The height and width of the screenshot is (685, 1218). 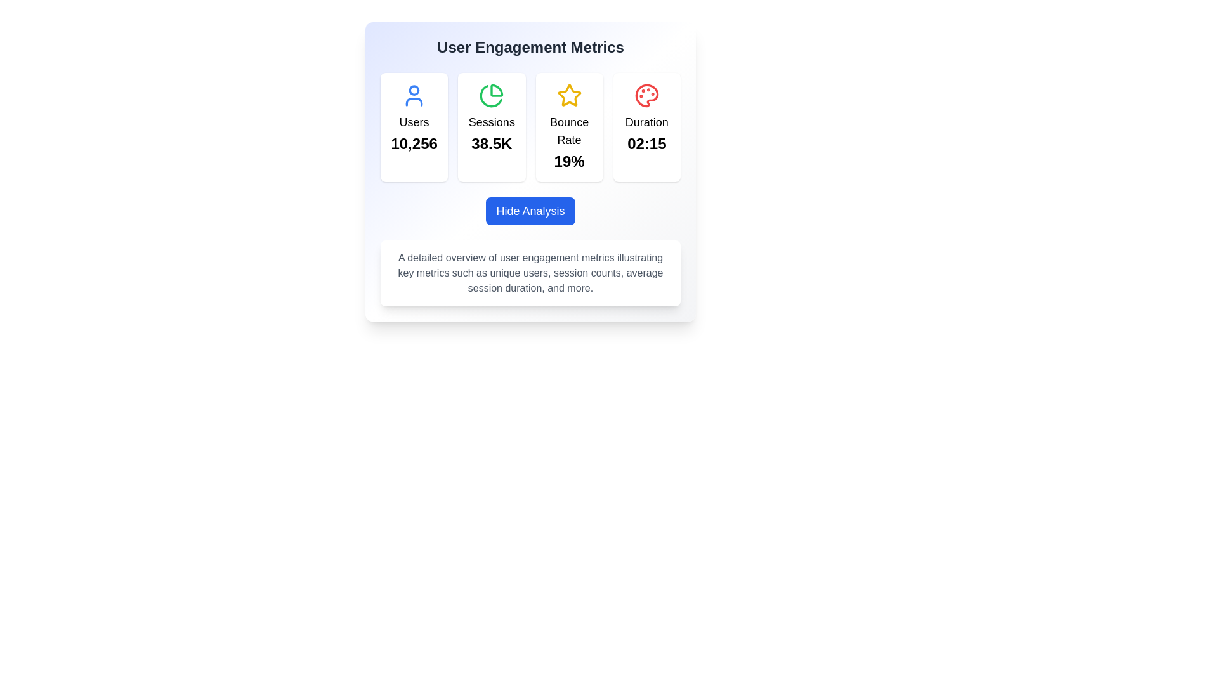 What do you see at coordinates (646, 122) in the screenshot?
I see `the Text label indicating the duration metric, which is positioned above the value '02:15' in the fourth column of the user engagement statistics display` at bounding box center [646, 122].